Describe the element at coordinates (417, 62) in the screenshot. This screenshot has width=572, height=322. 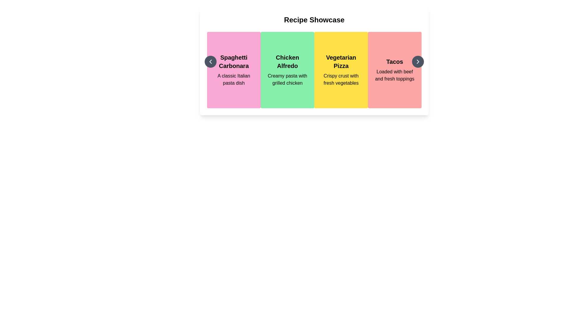
I see `the right-facing chevron icon button located at the right edge of the 'Tacos' card` at that location.